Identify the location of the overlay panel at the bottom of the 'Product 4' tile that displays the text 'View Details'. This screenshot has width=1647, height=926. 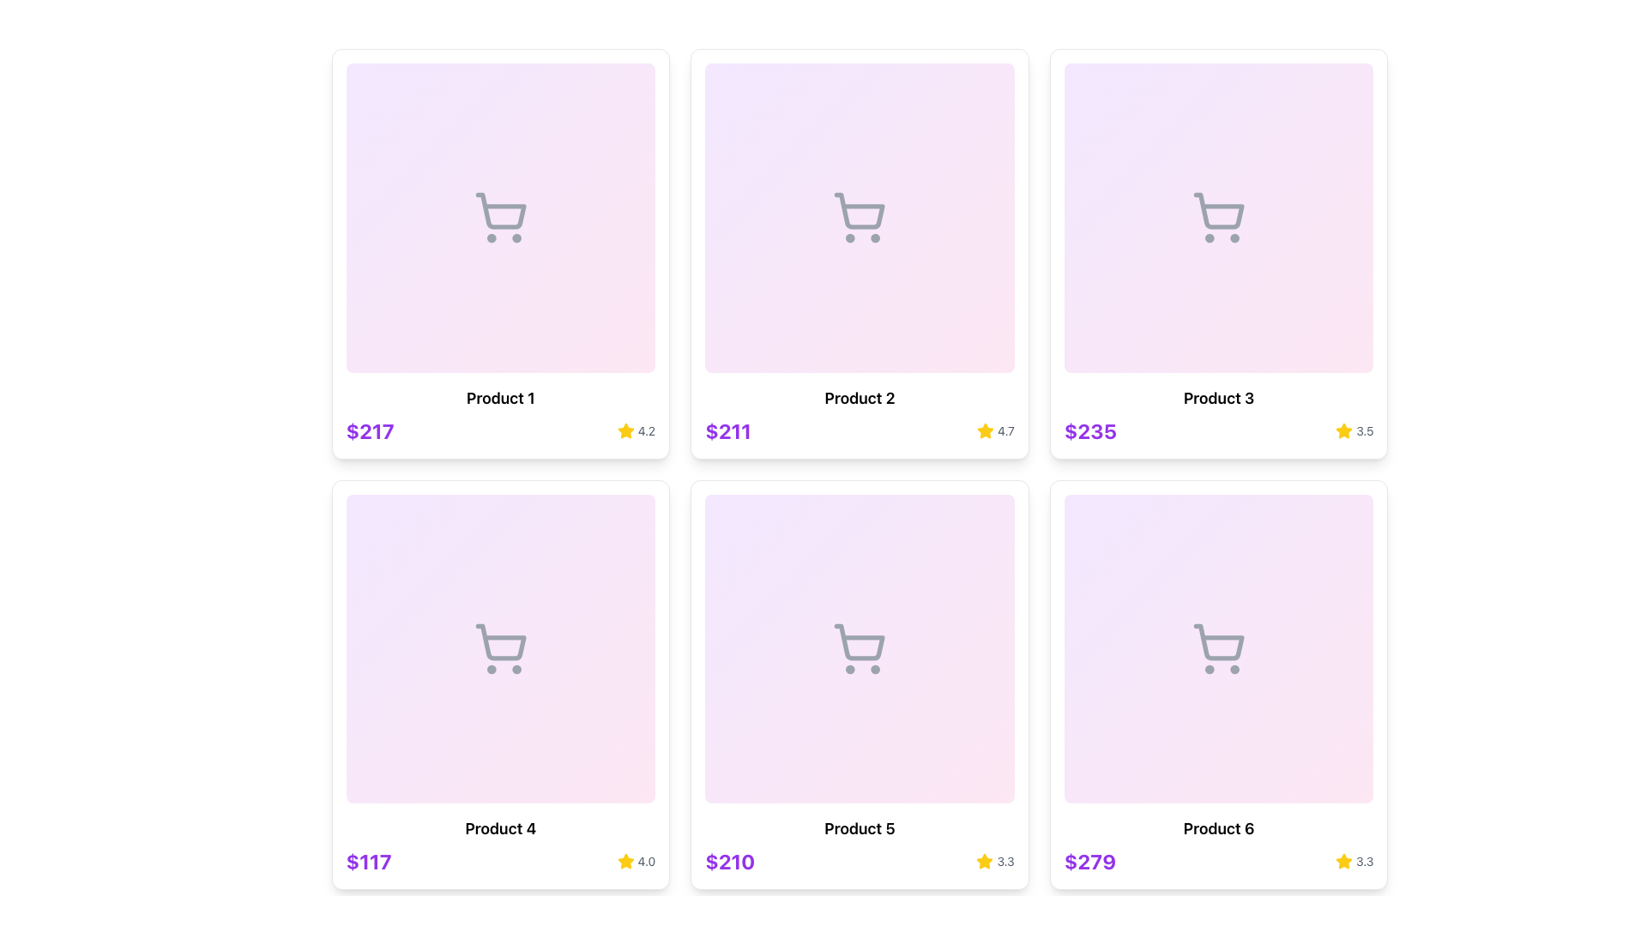
(499, 820).